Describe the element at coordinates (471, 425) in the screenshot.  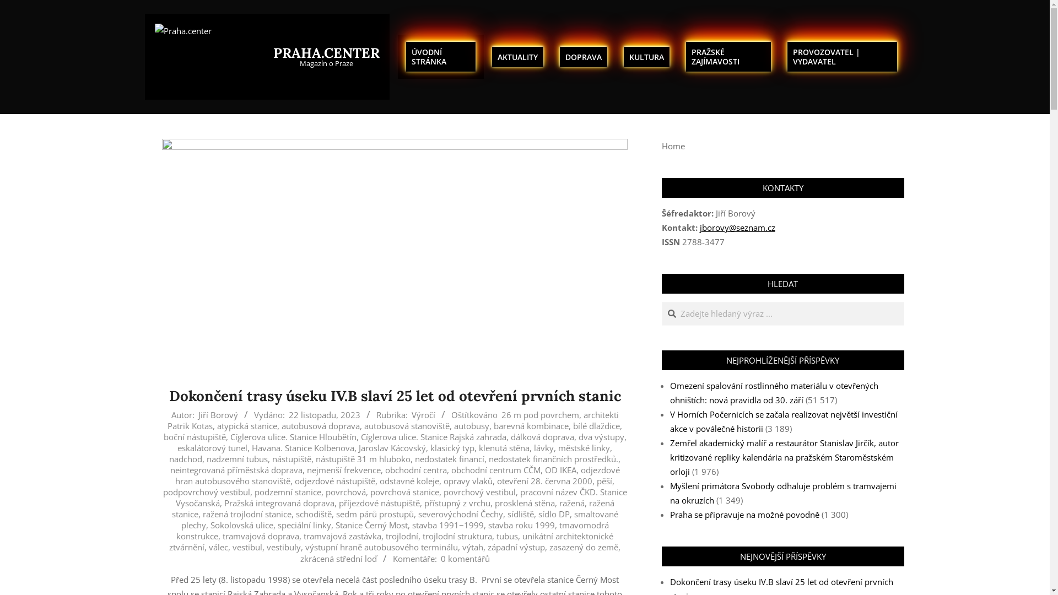
I see `'autobusy'` at that location.